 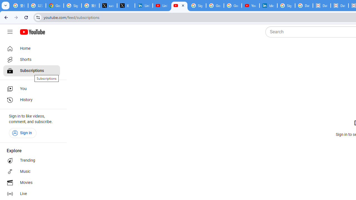 I want to click on 'Guide', so click(x=10, y=32).